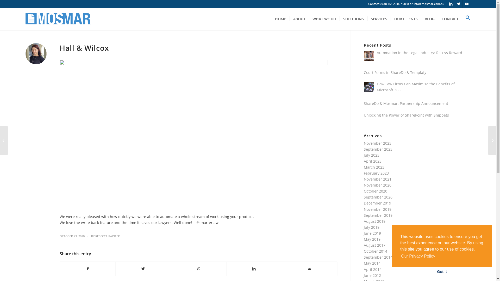 The image size is (500, 281). What do you see at coordinates (395, 72) in the screenshot?
I see `'Court Forms in ShareDo & Templafy'` at bounding box center [395, 72].